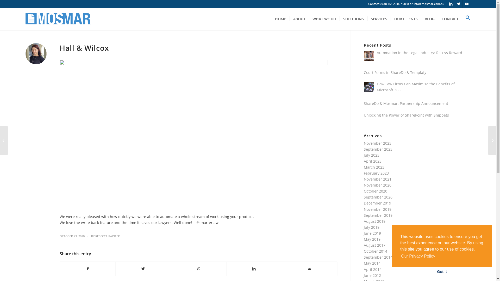 The image size is (500, 281). What do you see at coordinates (395, 72) in the screenshot?
I see `'Court Forms in ShareDo & Templafy'` at bounding box center [395, 72].